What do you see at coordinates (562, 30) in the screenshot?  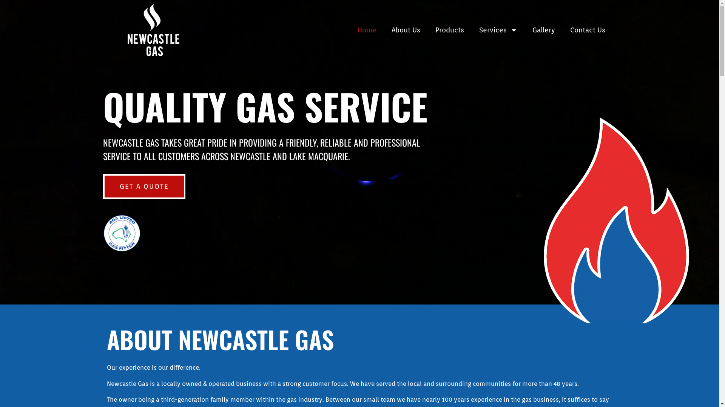 I see `'Contact Us'` at bounding box center [562, 30].